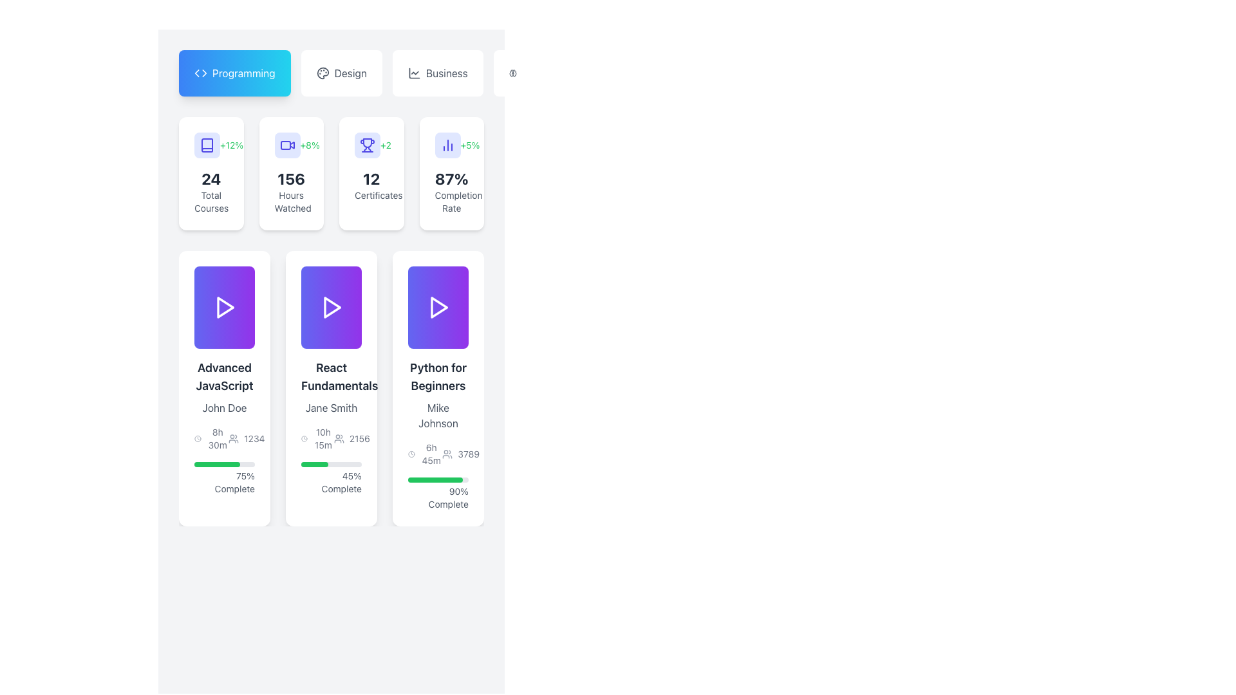 The width and height of the screenshot is (1236, 695). What do you see at coordinates (197, 438) in the screenshot?
I see `properties of the minimalist clock icon located in the lower portion of the first course information card, adjacent to the text '8h 30m'` at bounding box center [197, 438].